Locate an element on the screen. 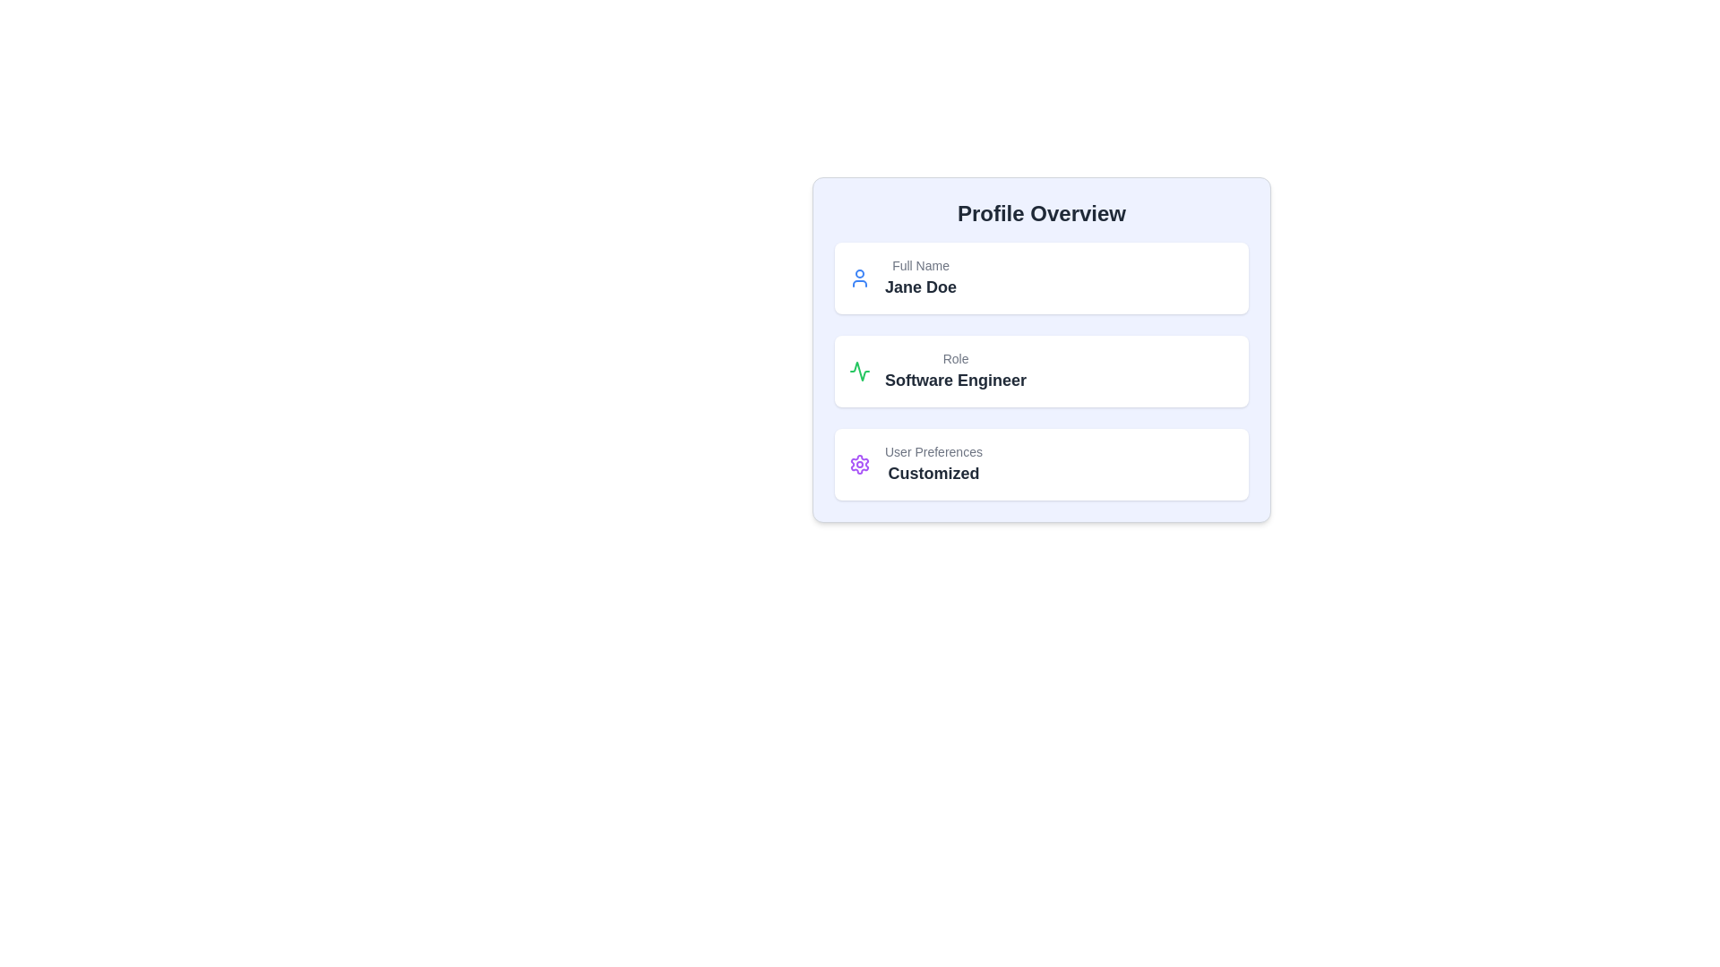 The image size is (1720, 967). the informational text block that displays the user's full name along with an icon, located at the top of the profile details list within a rounded card is located at coordinates (903, 278).